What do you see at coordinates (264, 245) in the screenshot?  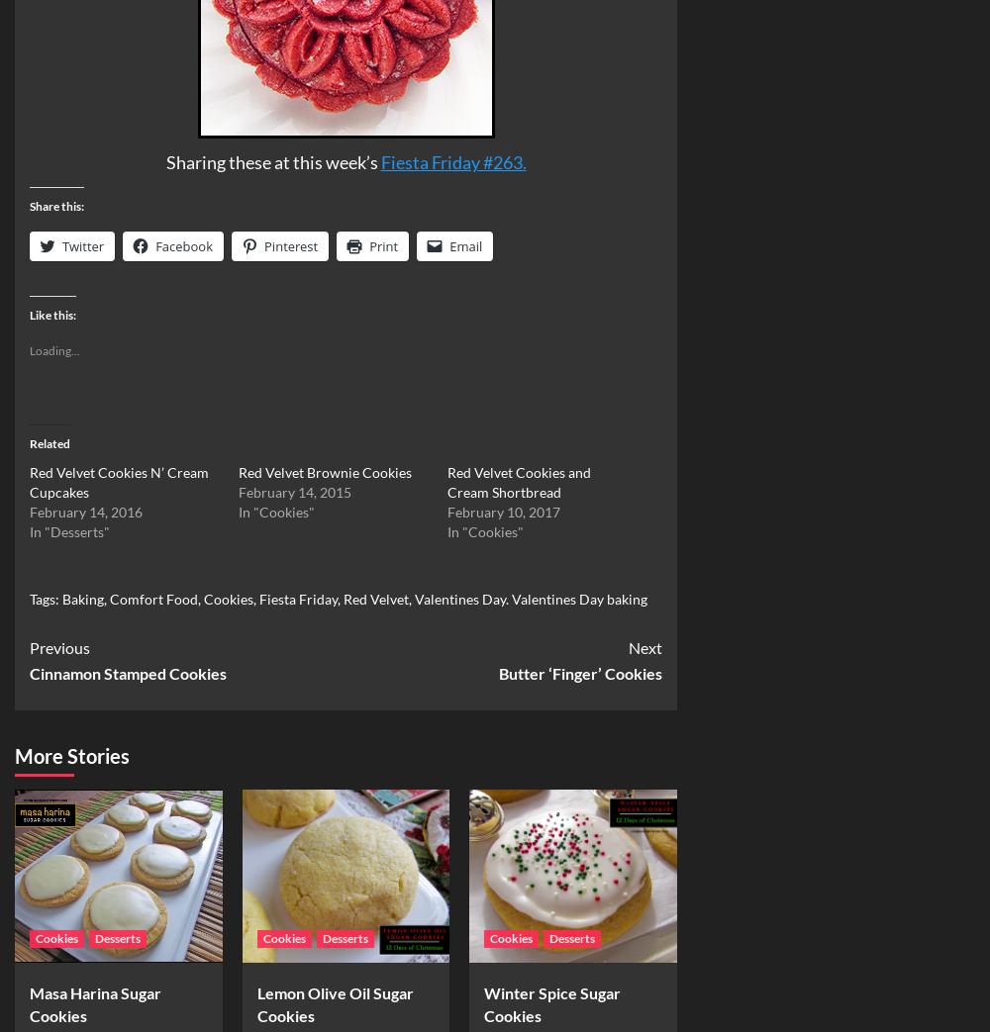 I see `'Pinterest'` at bounding box center [264, 245].